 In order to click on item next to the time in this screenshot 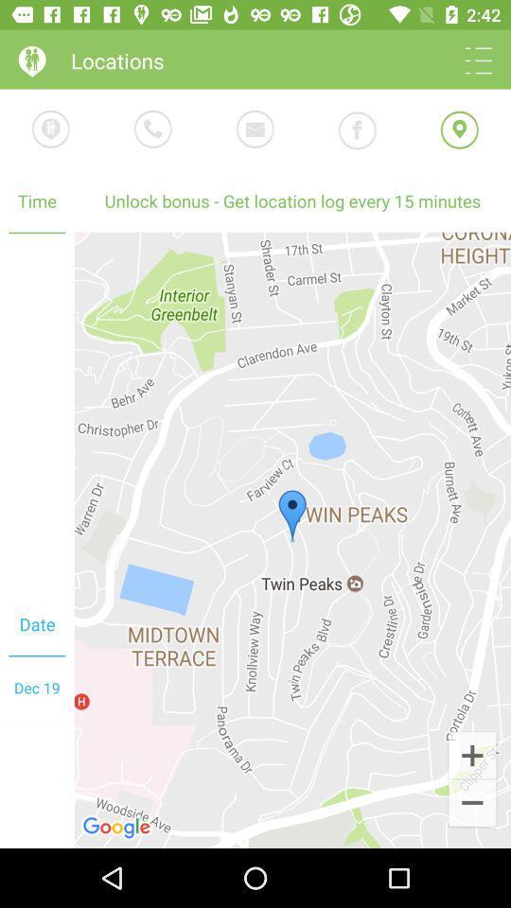, I will do `click(292, 540)`.